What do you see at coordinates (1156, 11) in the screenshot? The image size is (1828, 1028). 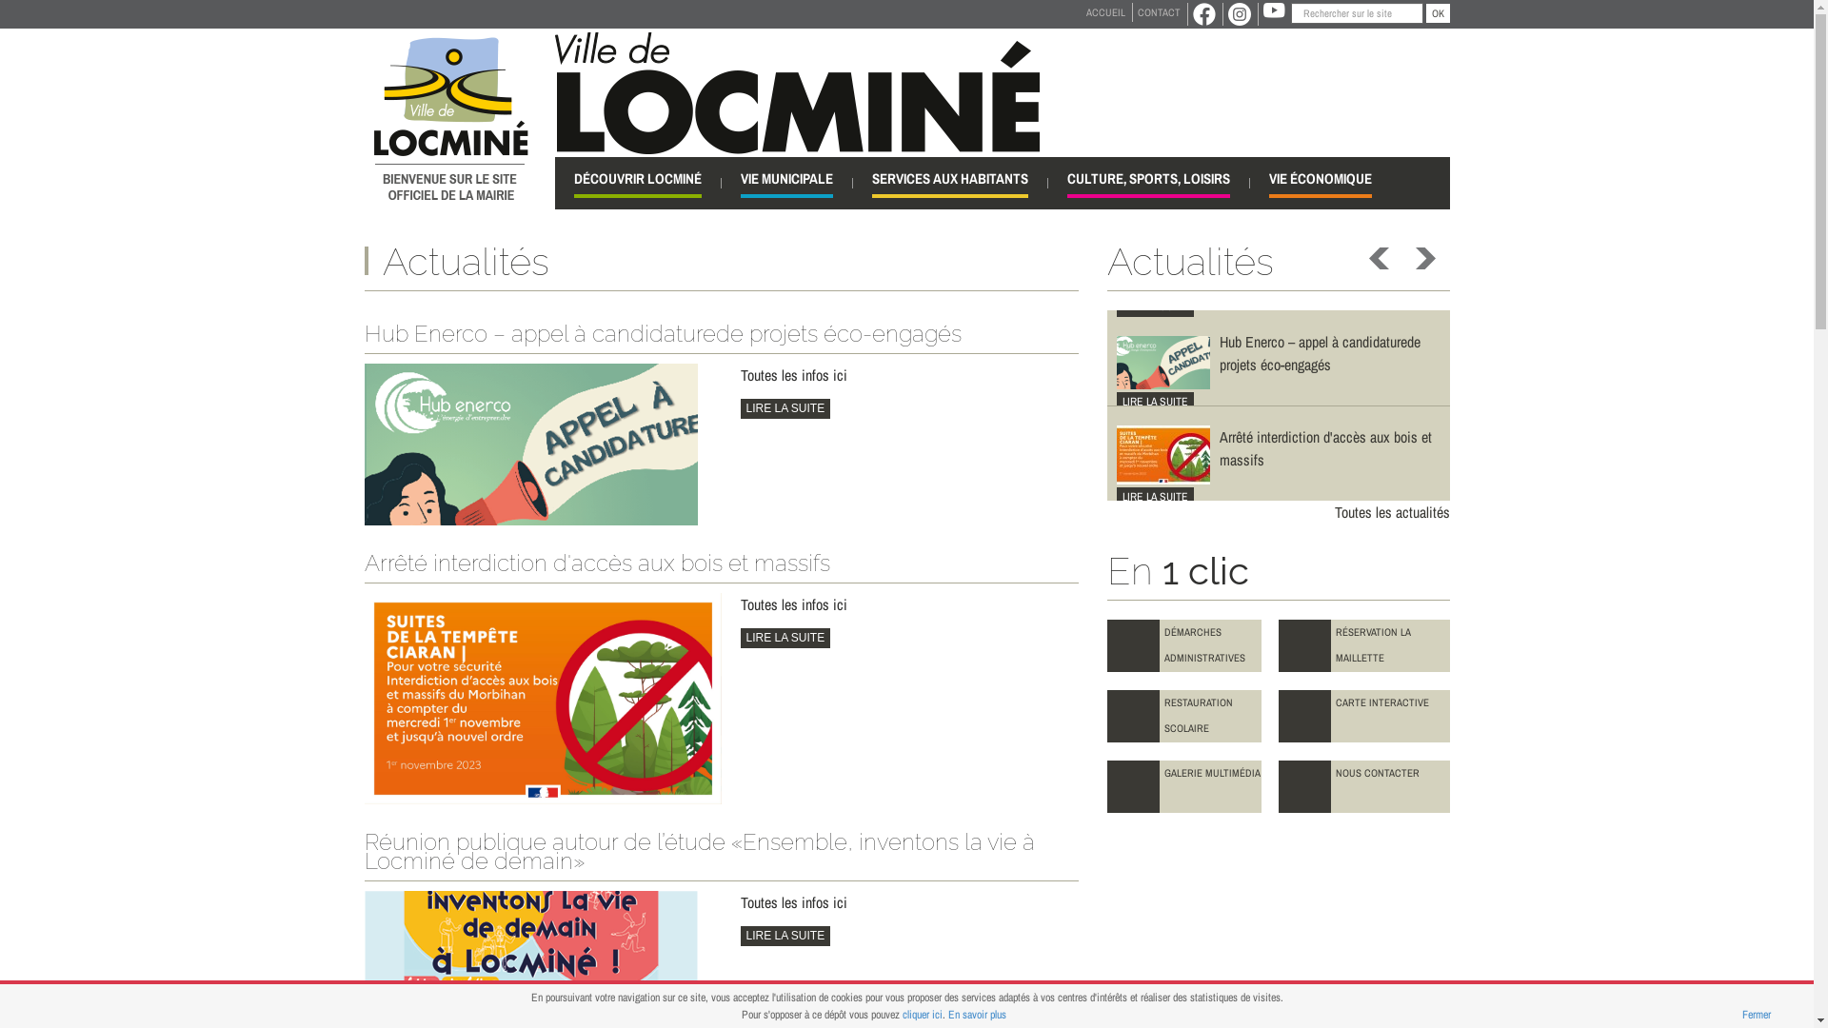 I see `'CONTACT'` at bounding box center [1156, 11].